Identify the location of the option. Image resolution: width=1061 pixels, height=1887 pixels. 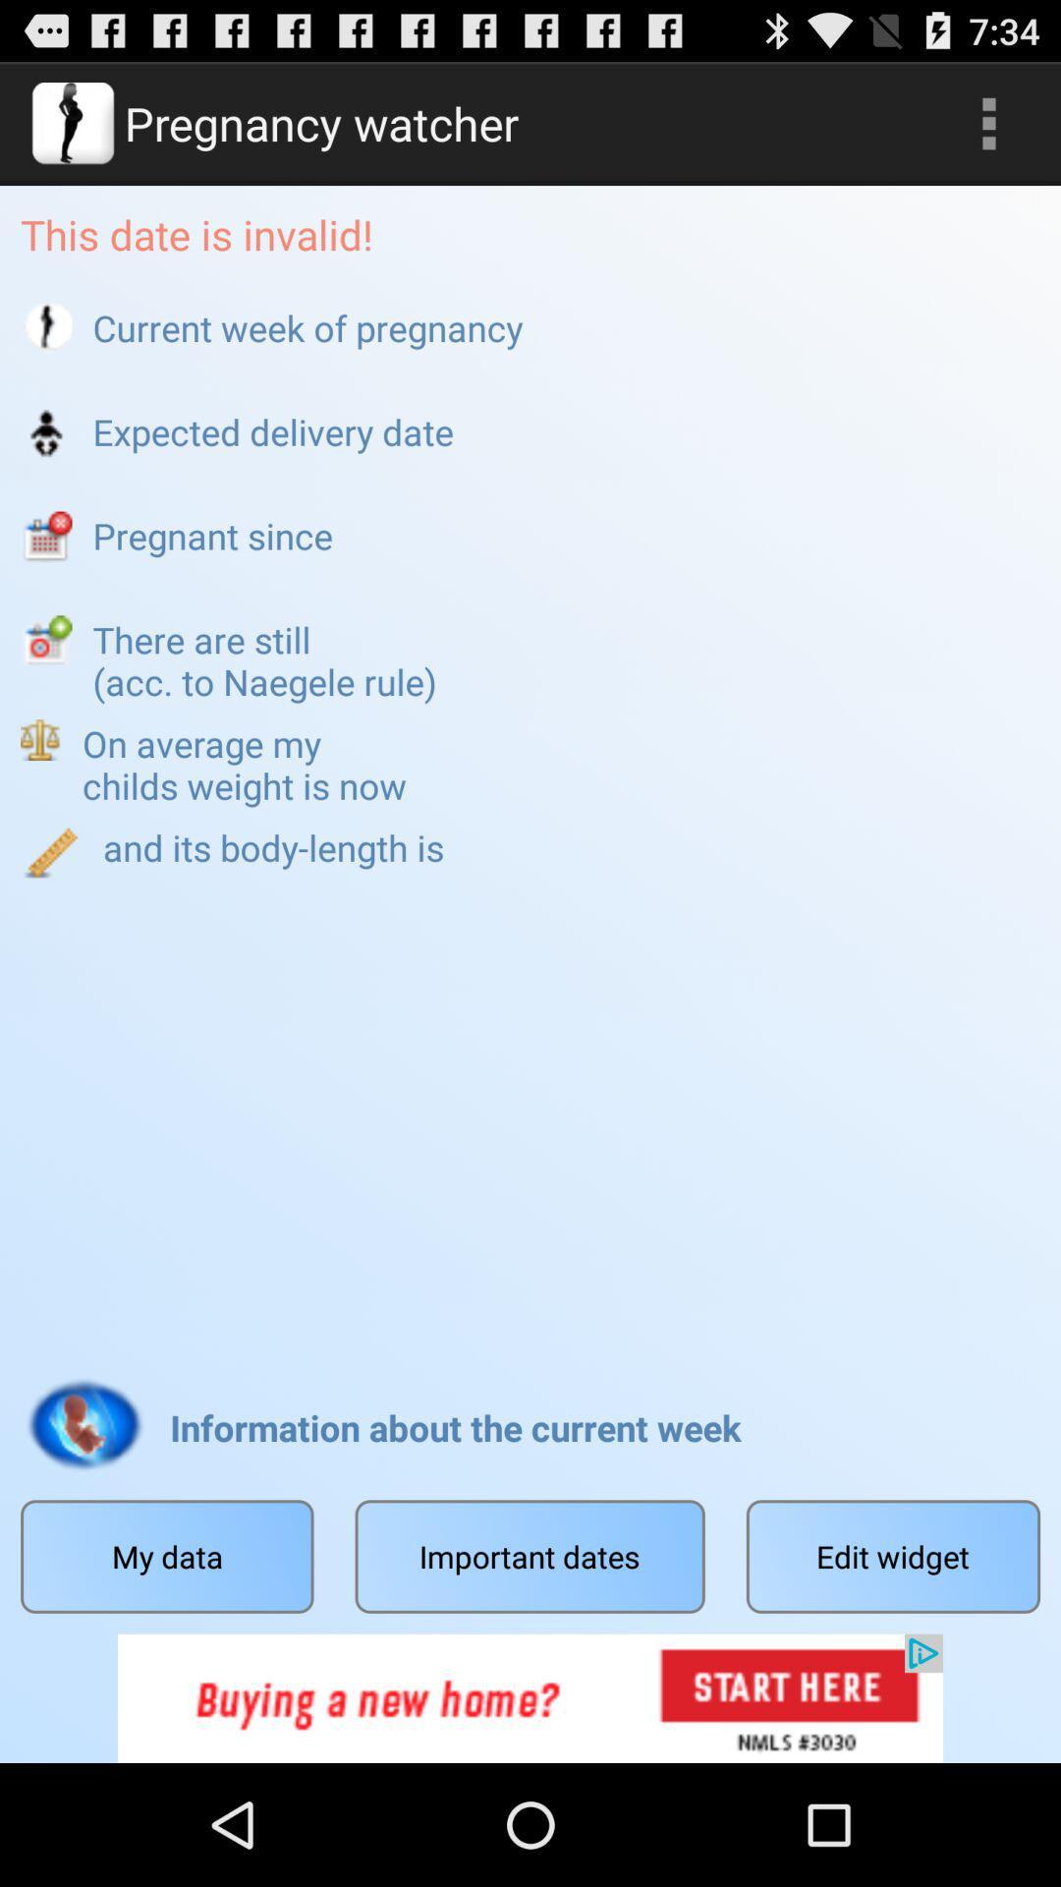
(530, 1697).